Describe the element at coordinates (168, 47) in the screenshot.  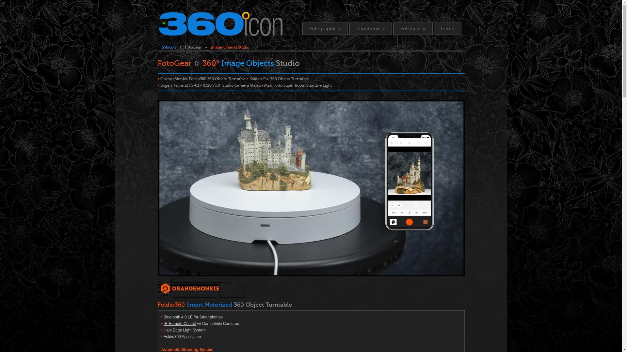
I see `'360icon'` at that location.